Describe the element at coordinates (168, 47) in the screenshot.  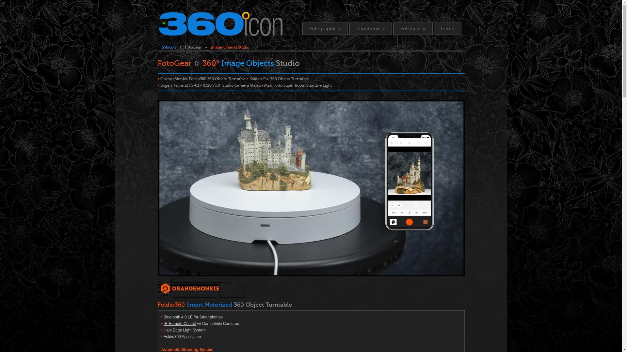
I see `'360icon'` at that location.